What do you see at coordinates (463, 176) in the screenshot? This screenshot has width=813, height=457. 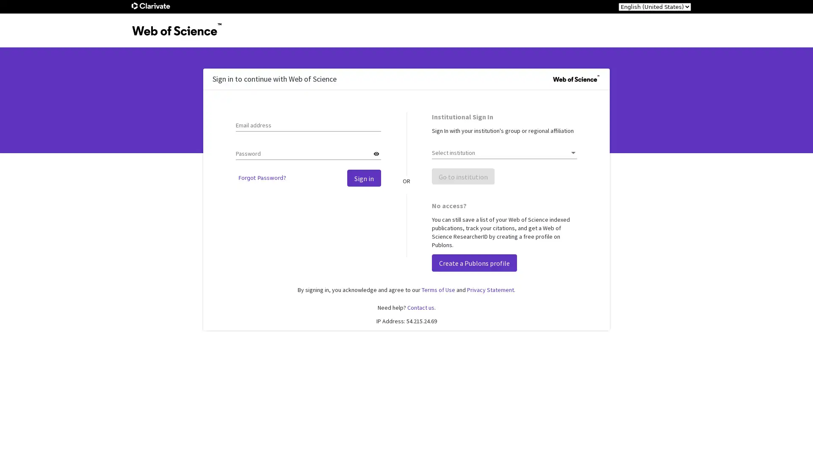 I see `Go to institution` at bounding box center [463, 176].